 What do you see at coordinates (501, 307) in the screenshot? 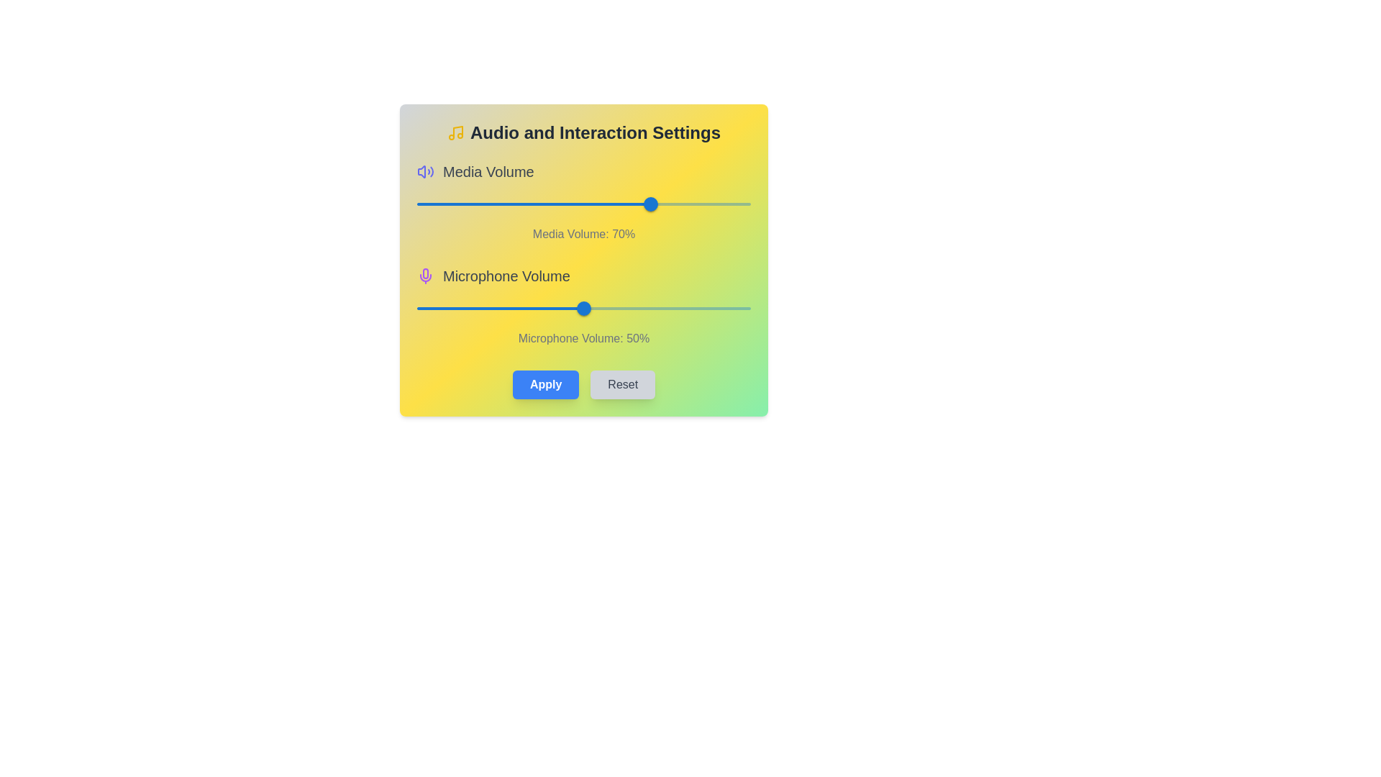
I see `the active range of the microphone volume slider track located beneath the 'Microphone Volume' label and before the 'Microphone Volume: 50%' label` at bounding box center [501, 307].